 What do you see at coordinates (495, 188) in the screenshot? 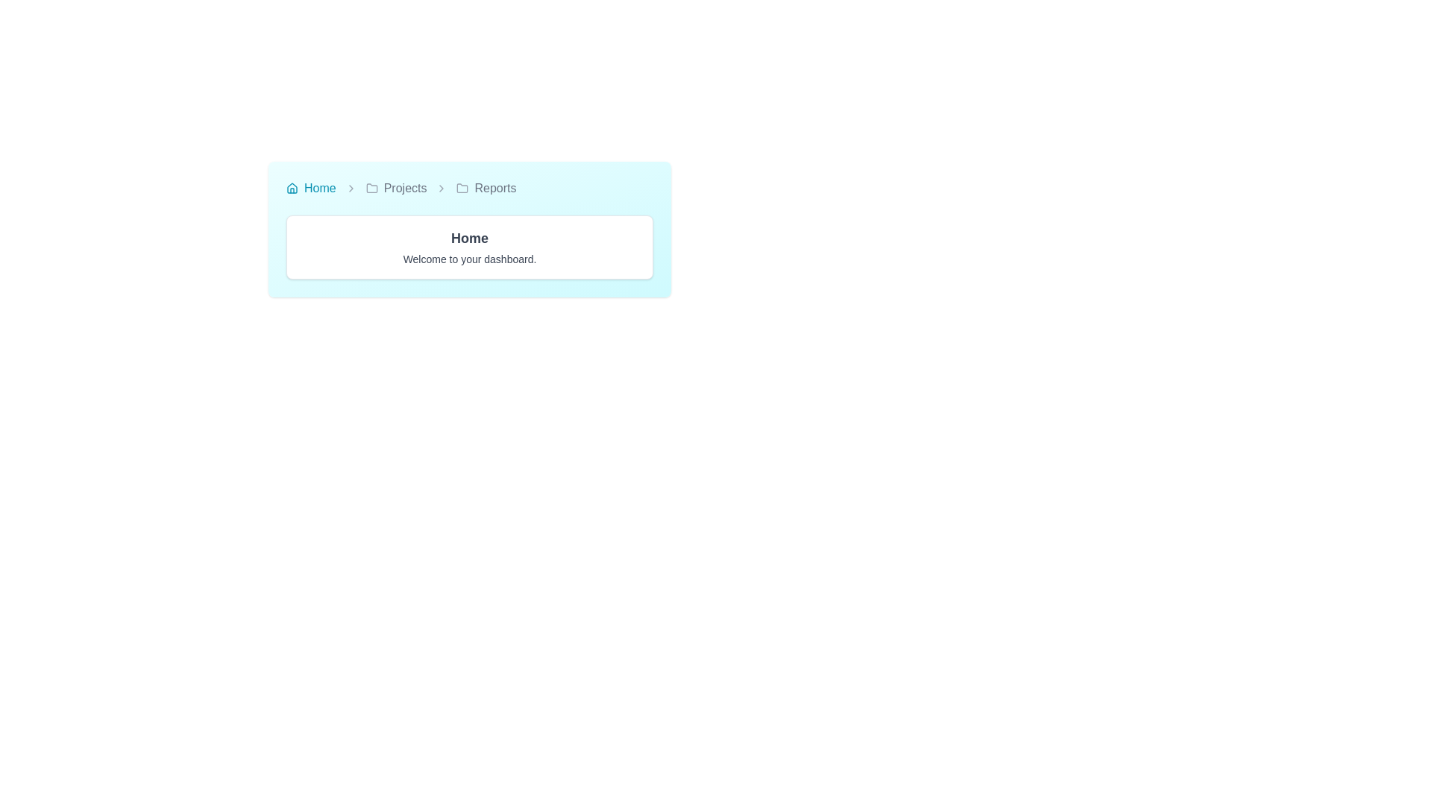
I see `the 'Reports' text label` at bounding box center [495, 188].